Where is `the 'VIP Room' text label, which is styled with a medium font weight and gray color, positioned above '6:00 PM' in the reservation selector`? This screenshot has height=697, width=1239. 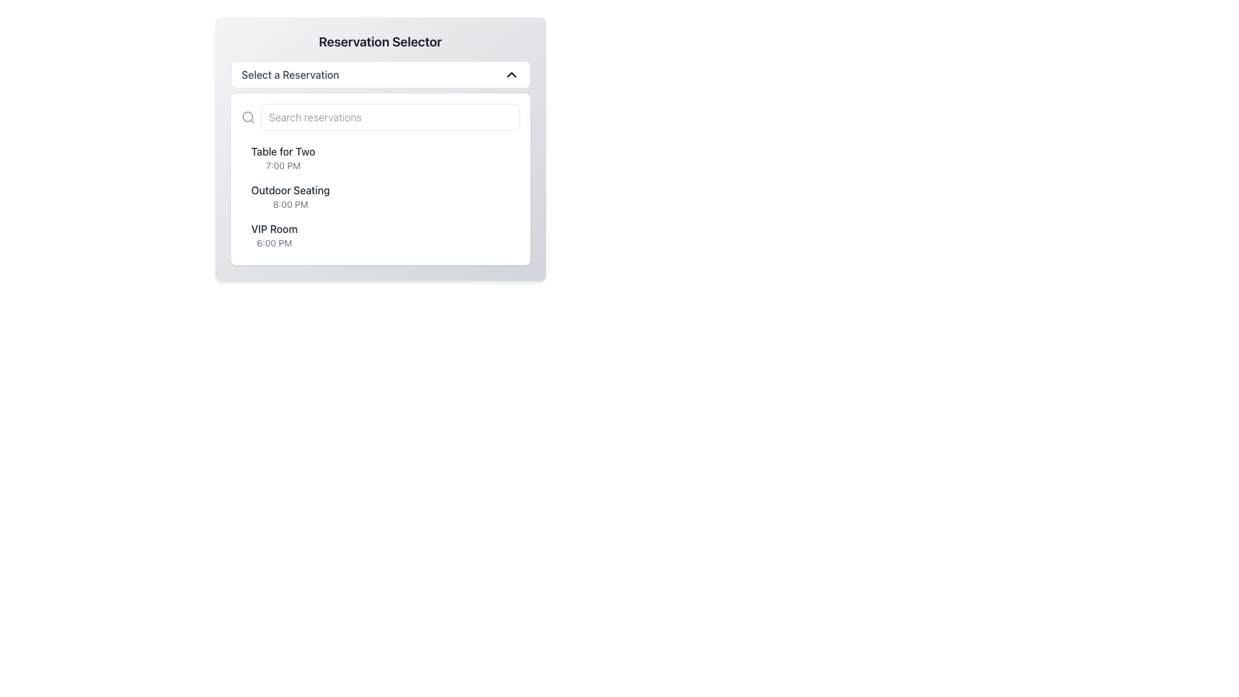
the 'VIP Room' text label, which is styled with a medium font weight and gray color, positioned above '6:00 PM' in the reservation selector is located at coordinates (274, 228).